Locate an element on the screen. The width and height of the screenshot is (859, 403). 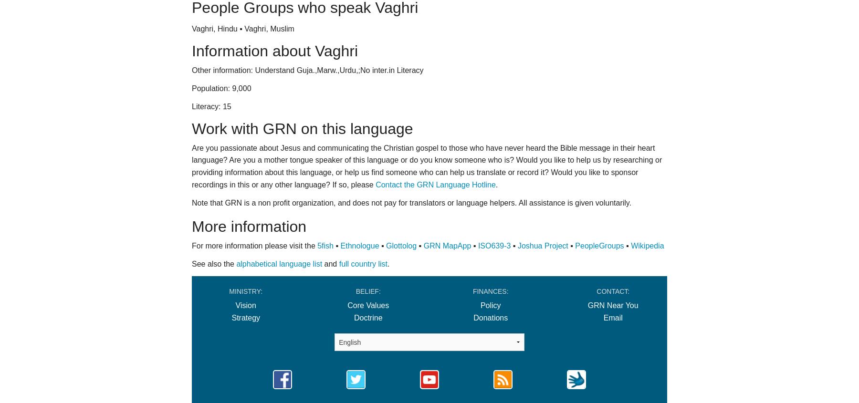
'and' is located at coordinates (330, 263).